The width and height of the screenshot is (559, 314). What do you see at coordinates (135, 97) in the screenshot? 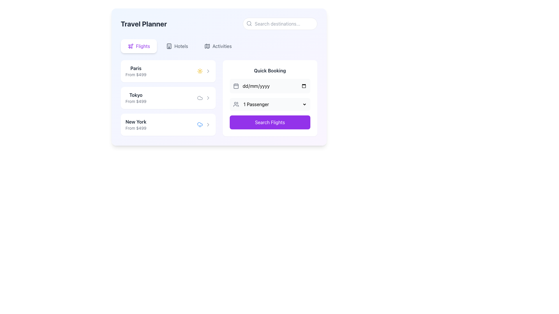
I see `flight destination and price information displayed in the second entry of the flight list under the 'Flights' tab, which is located between the entries for Paris and New York` at bounding box center [135, 97].